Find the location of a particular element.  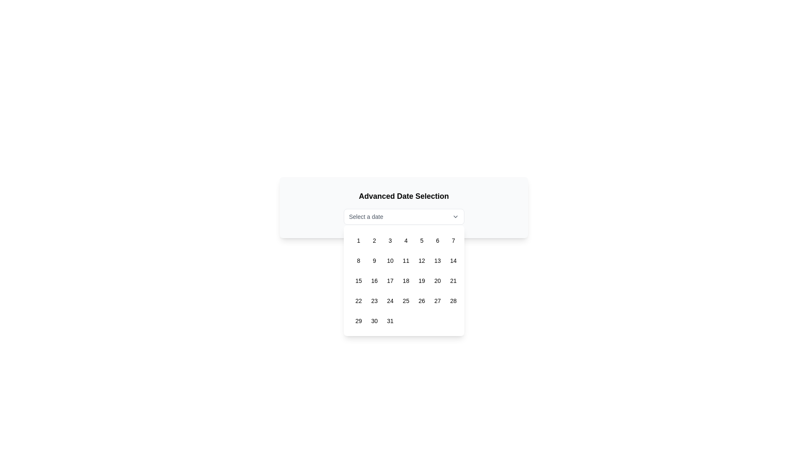

the calendar day selector button displaying the number '1' is located at coordinates (358, 240).